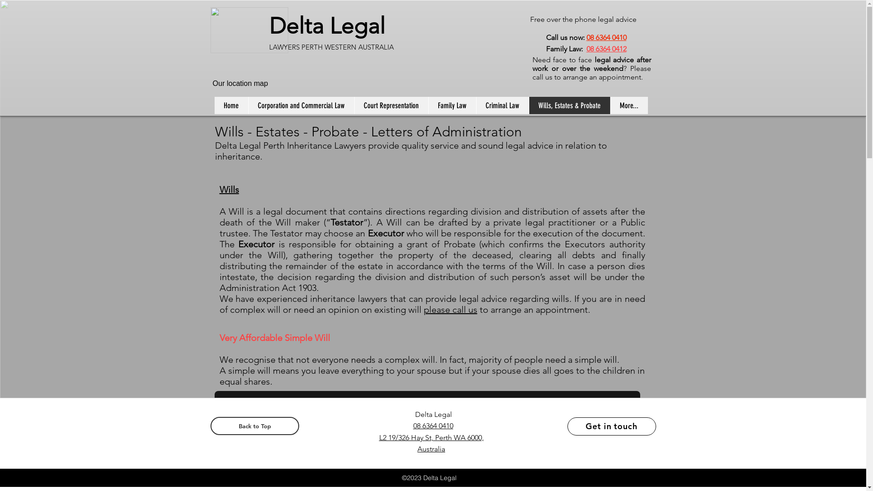 This screenshot has height=491, width=873. I want to click on 'Embedded Content', so click(255, 69).